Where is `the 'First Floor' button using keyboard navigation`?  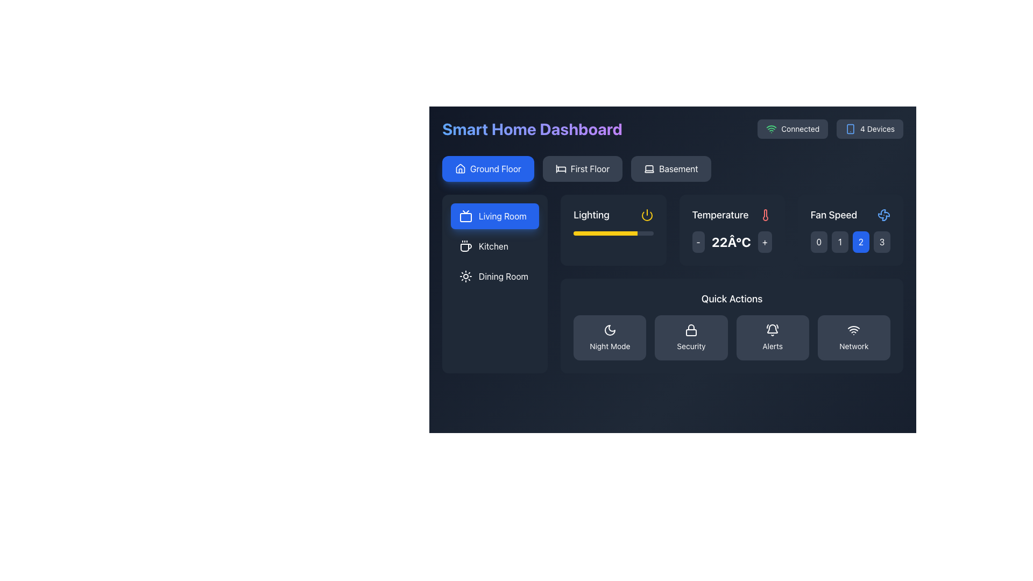
the 'First Floor' button using keyboard navigation is located at coordinates (582, 168).